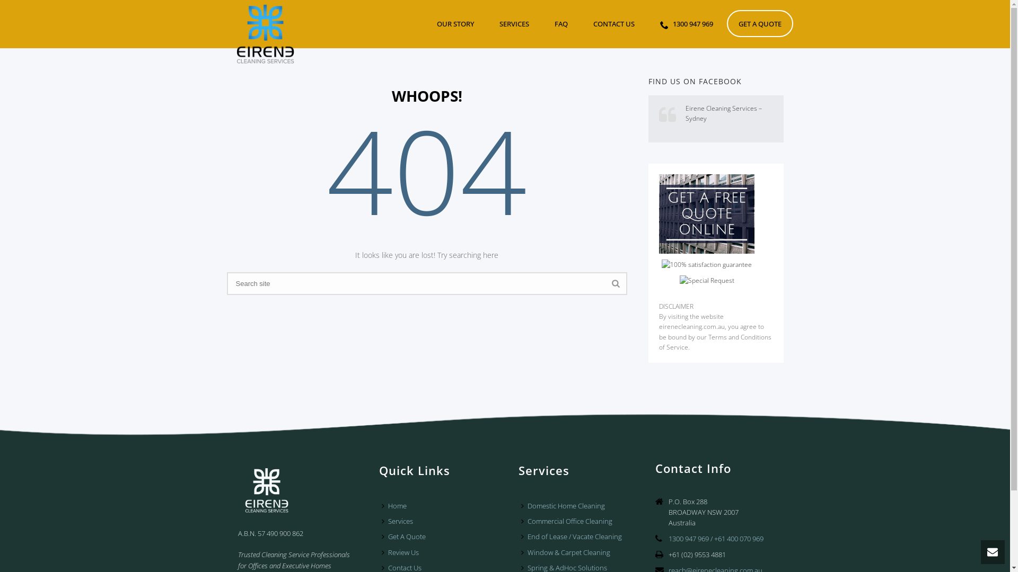 The height and width of the screenshot is (572, 1018). I want to click on 'Window & Carpet Cleaning', so click(567, 552).